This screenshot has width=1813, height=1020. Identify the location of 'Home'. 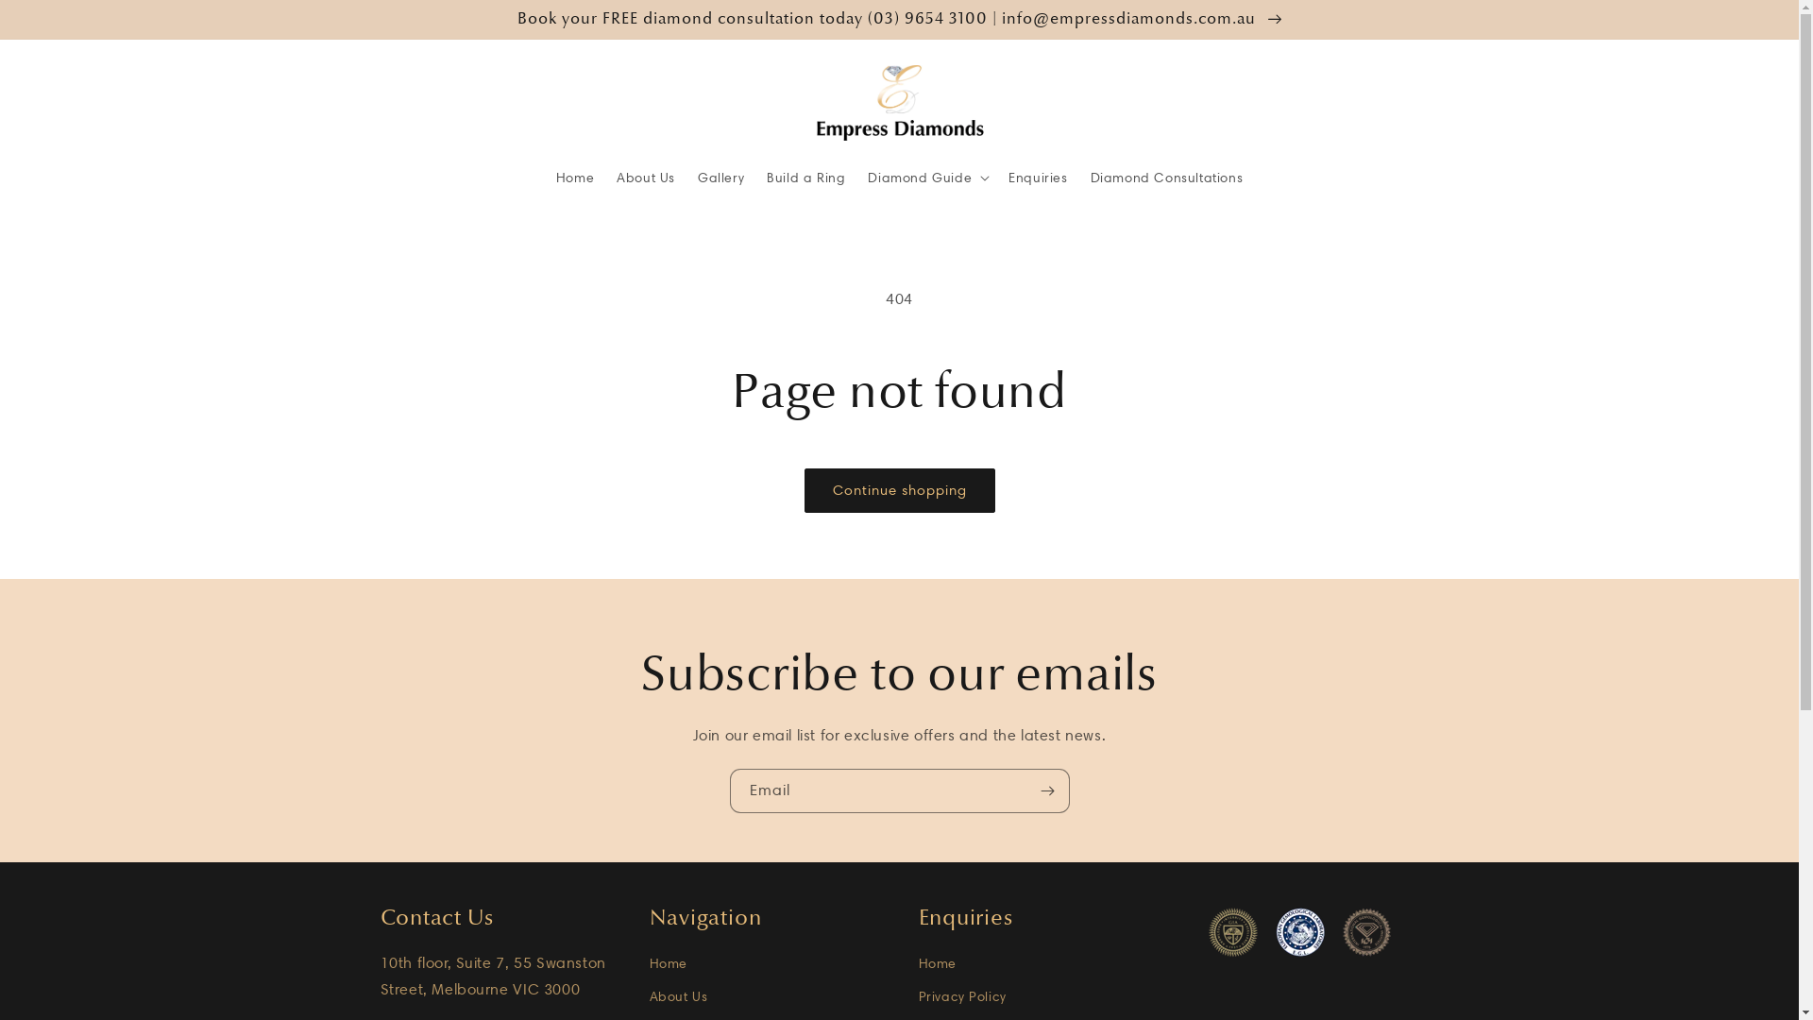
(574, 178).